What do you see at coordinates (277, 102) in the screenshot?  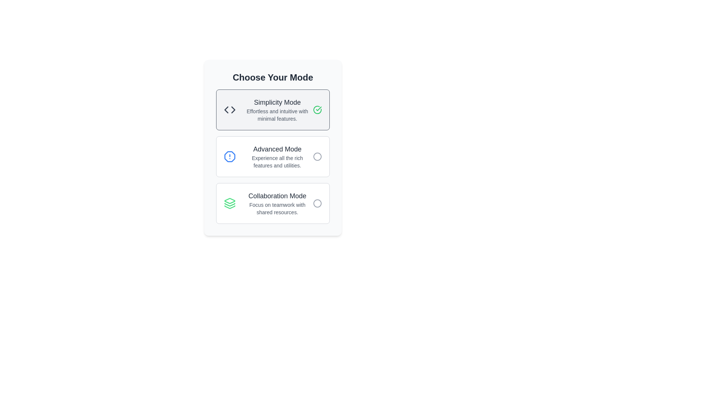 I see `the 'Simplicity Mode' label that identifies the first mode selection option in the interface` at bounding box center [277, 102].